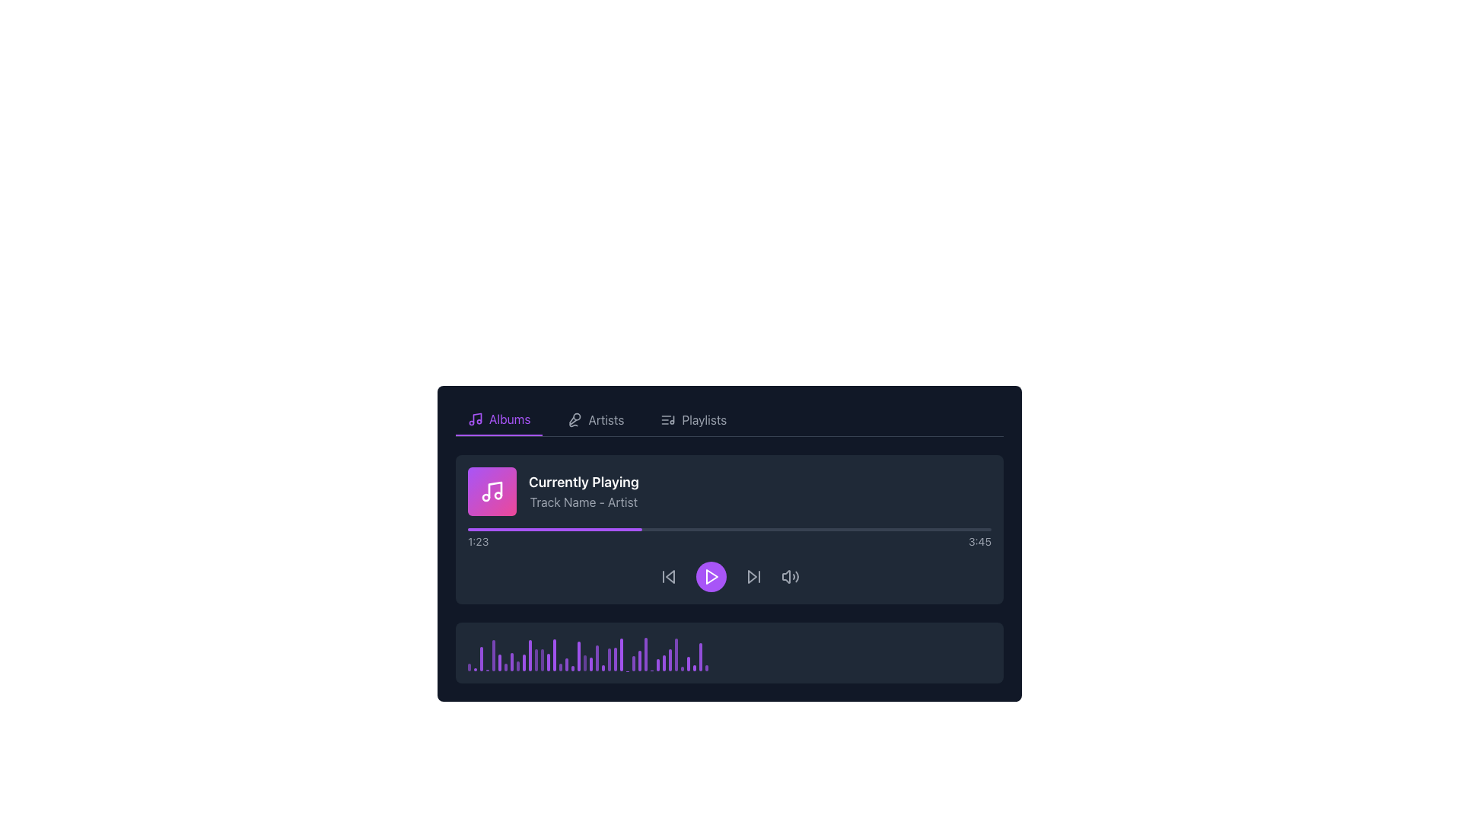 The height and width of the screenshot is (822, 1461). Describe the element at coordinates (675, 654) in the screenshot. I see `the 37th vertical bar in the series of progress bars located at the bottom of the player card` at that location.